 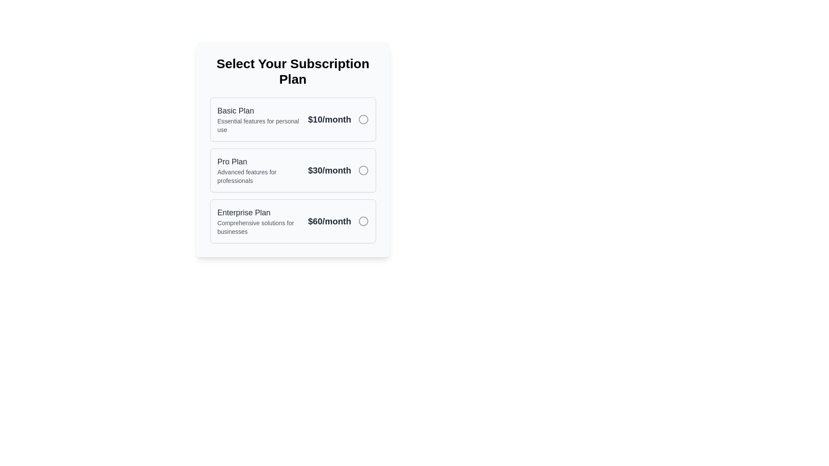 I want to click on the 'Pro Plan' text element, which serves as a label in the subscription selection interface, so click(x=259, y=170).